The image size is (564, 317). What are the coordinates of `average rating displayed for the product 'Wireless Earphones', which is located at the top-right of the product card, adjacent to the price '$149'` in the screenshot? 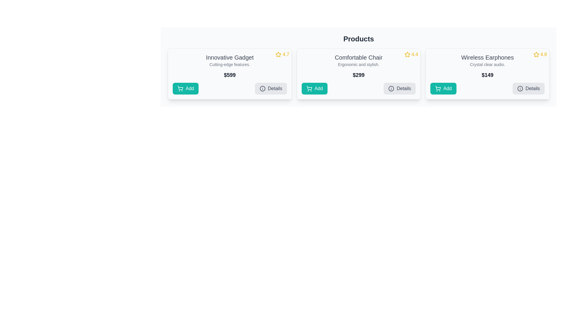 It's located at (540, 54).